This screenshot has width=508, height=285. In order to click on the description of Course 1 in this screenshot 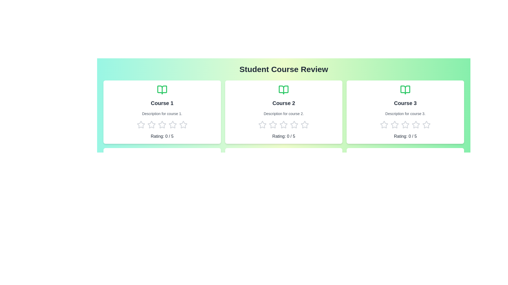, I will do `click(162, 113)`.